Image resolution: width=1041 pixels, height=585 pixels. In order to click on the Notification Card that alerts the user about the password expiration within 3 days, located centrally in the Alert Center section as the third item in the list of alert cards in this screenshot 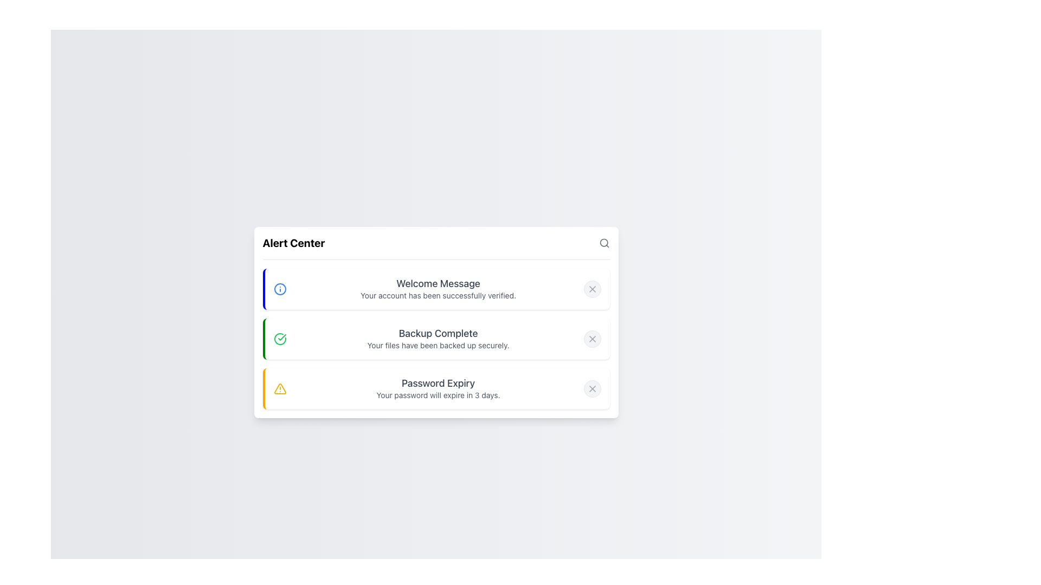, I will do `click(436, 388)`.